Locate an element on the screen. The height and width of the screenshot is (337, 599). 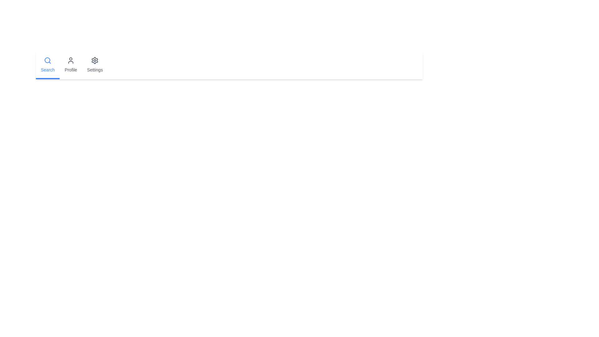
the 'Search' text label, which is styled in blue and positioned below the circular search icon is located at coordinates (47, 70).